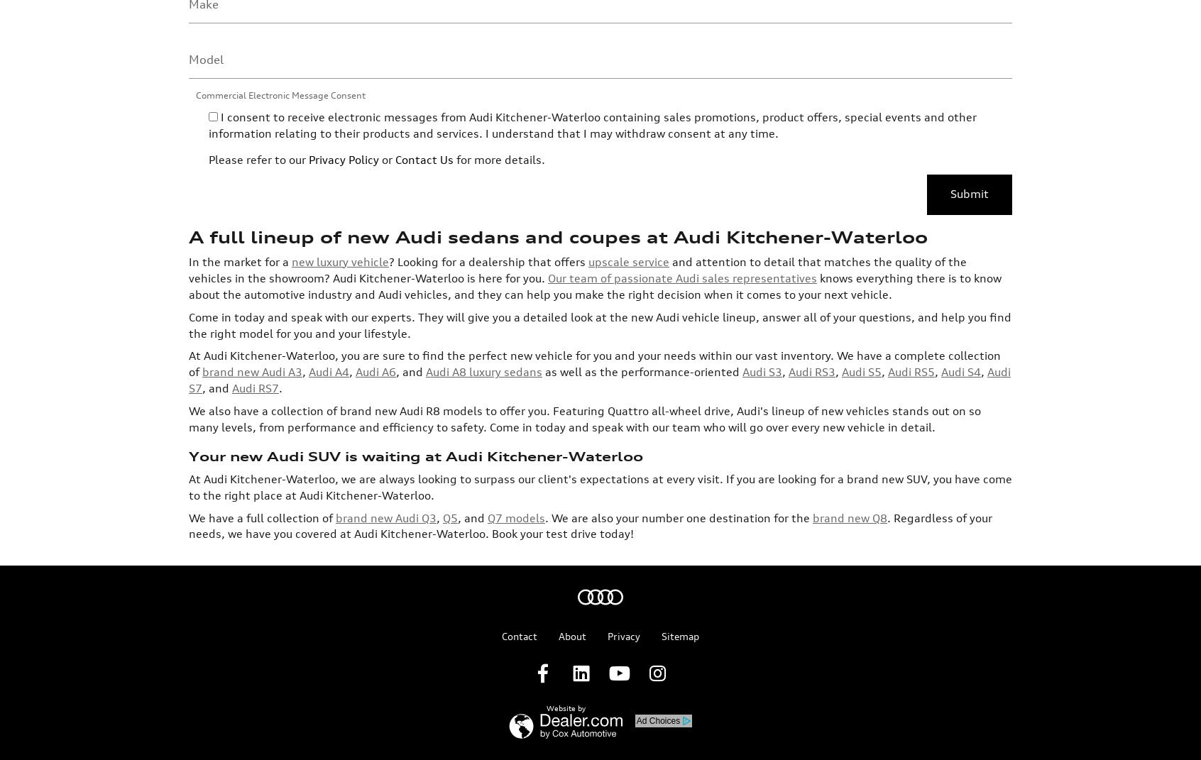 The height and width of the screenshot is (760, 1201). I want to click on 'At Audi Kitchener-Waterloo, you are sure to find the perfect new vehicle for you and your needs within our vast inventory. We have a complete collection of', so click(188, 248).